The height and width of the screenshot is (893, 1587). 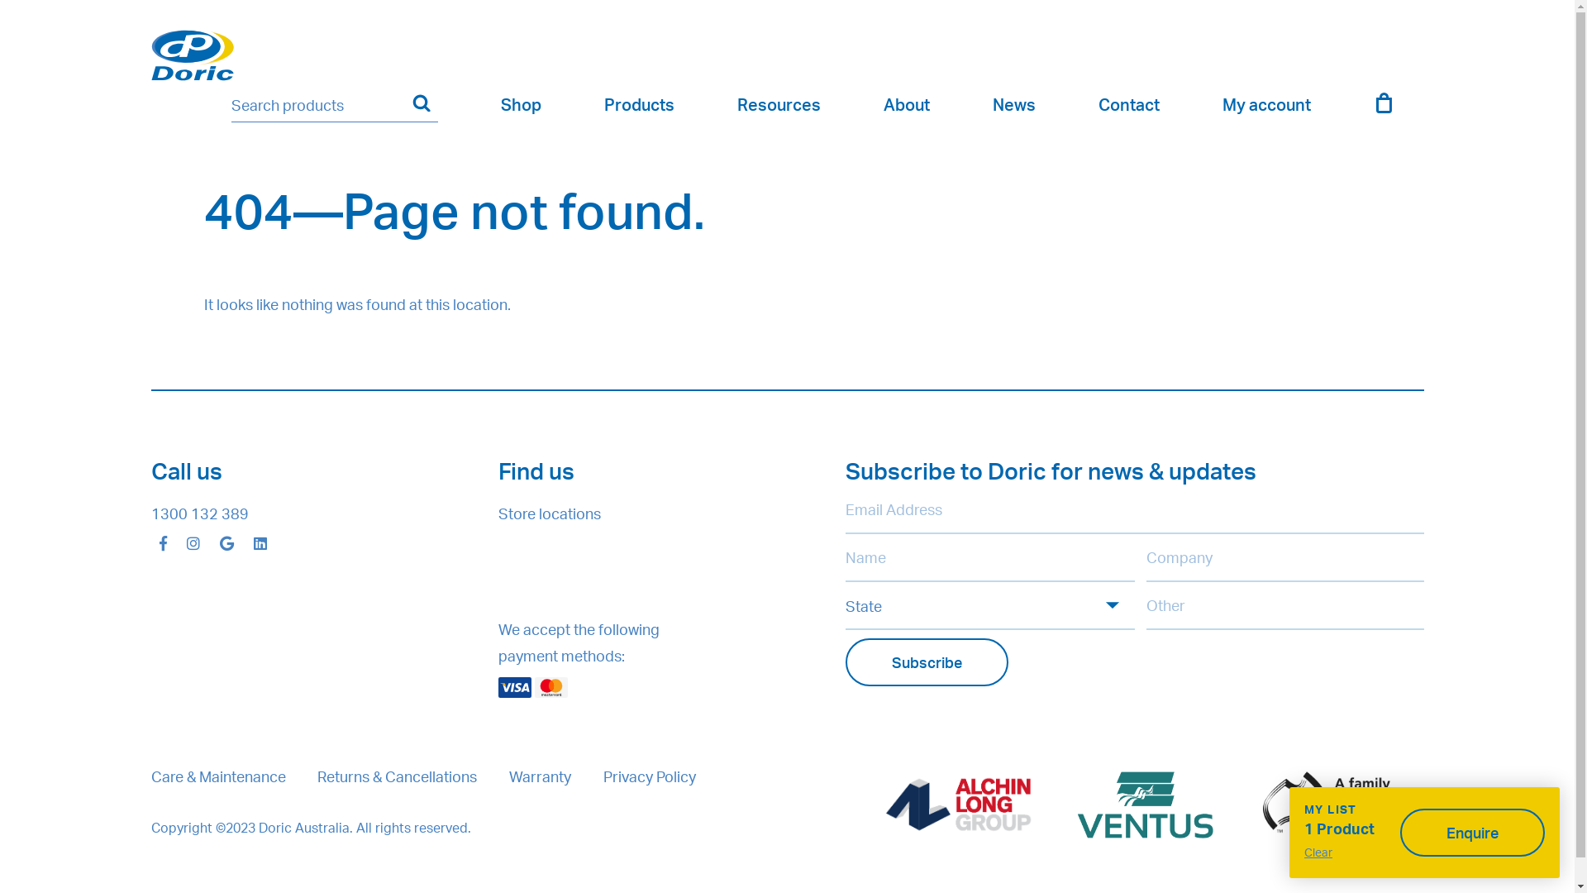 What do you see at coordinates (1013, 105) in the screenshot?
I see `'News'` at bounding box center [1013, 105].